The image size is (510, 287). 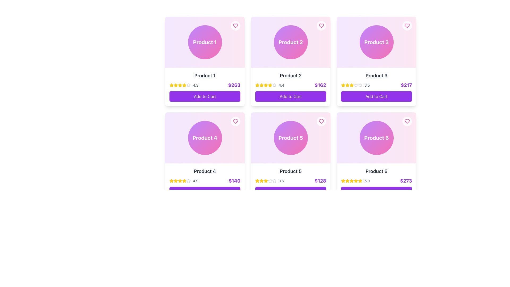 What do you see at coordinates (205, 192) in the screenshot?
I see `the 'Add to Cart' button with a bold purple background, located at the bottom of the card layout for 'Product 4'` at bounding box center [205, 192].